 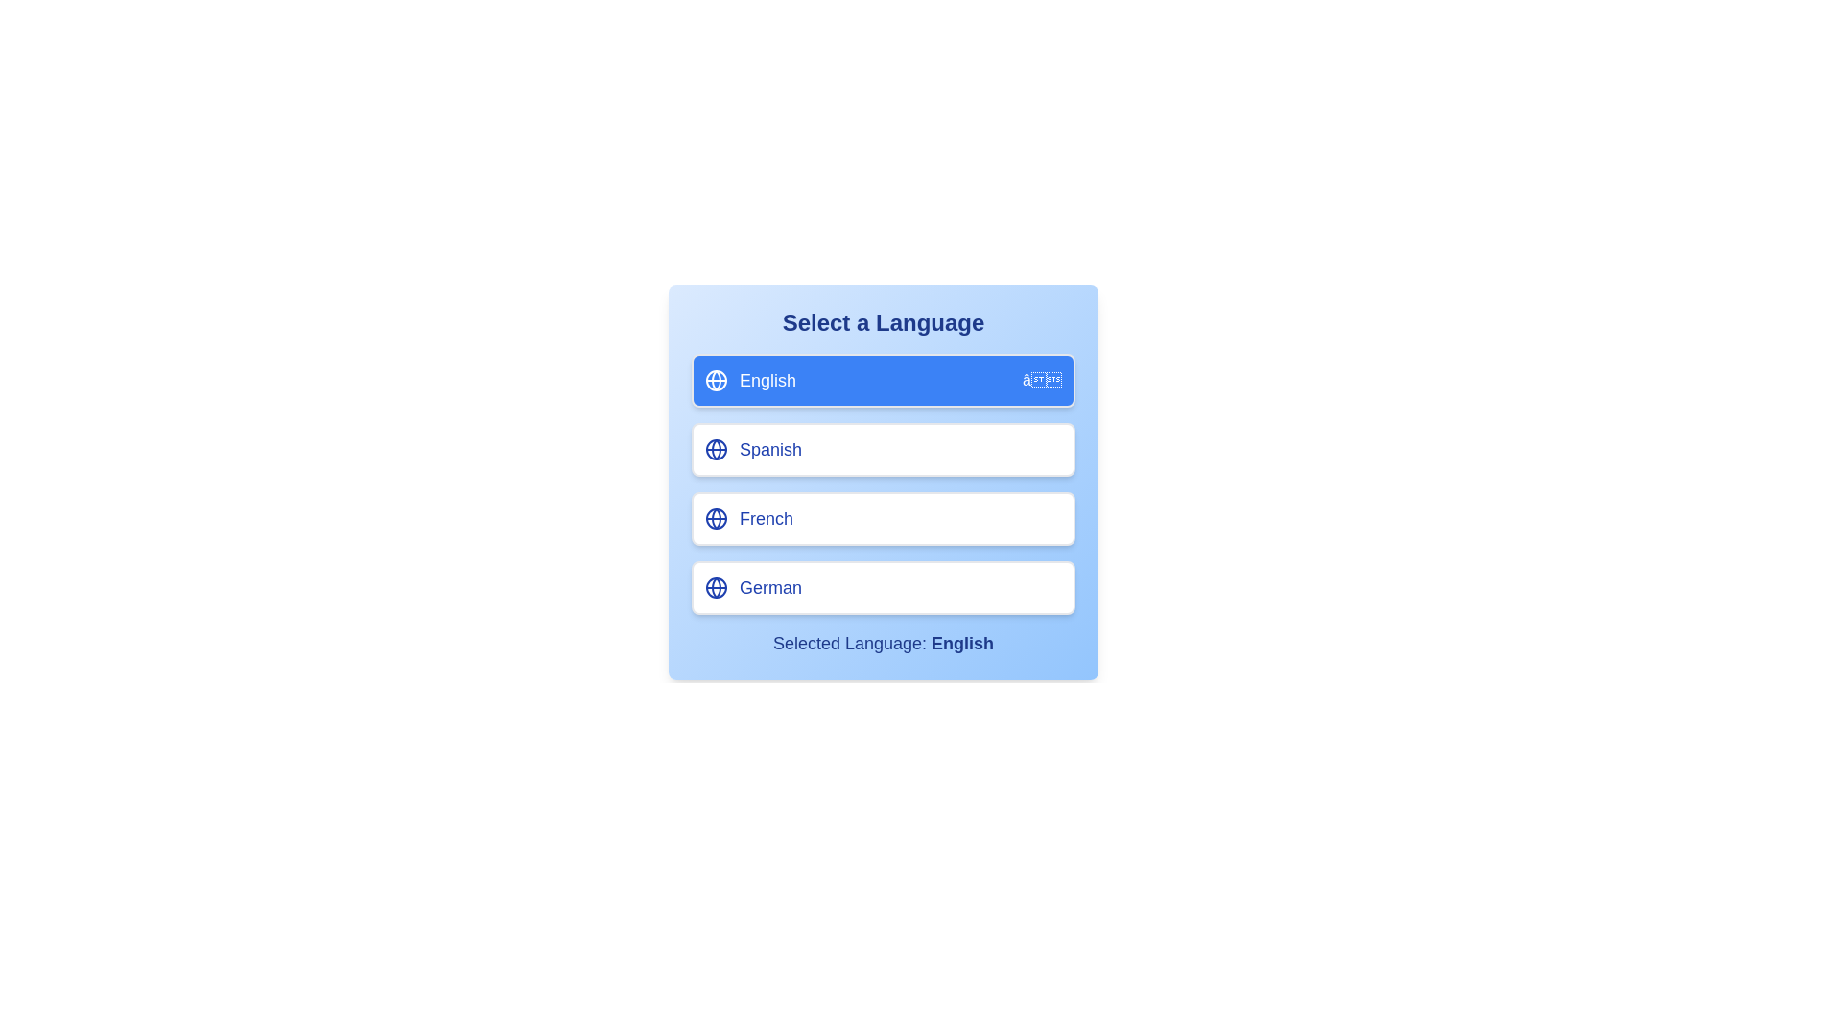 I want to click on the central circle of the globe icon in the language selection interface, which is visually representative of a global context, so click(x=716, y=587).